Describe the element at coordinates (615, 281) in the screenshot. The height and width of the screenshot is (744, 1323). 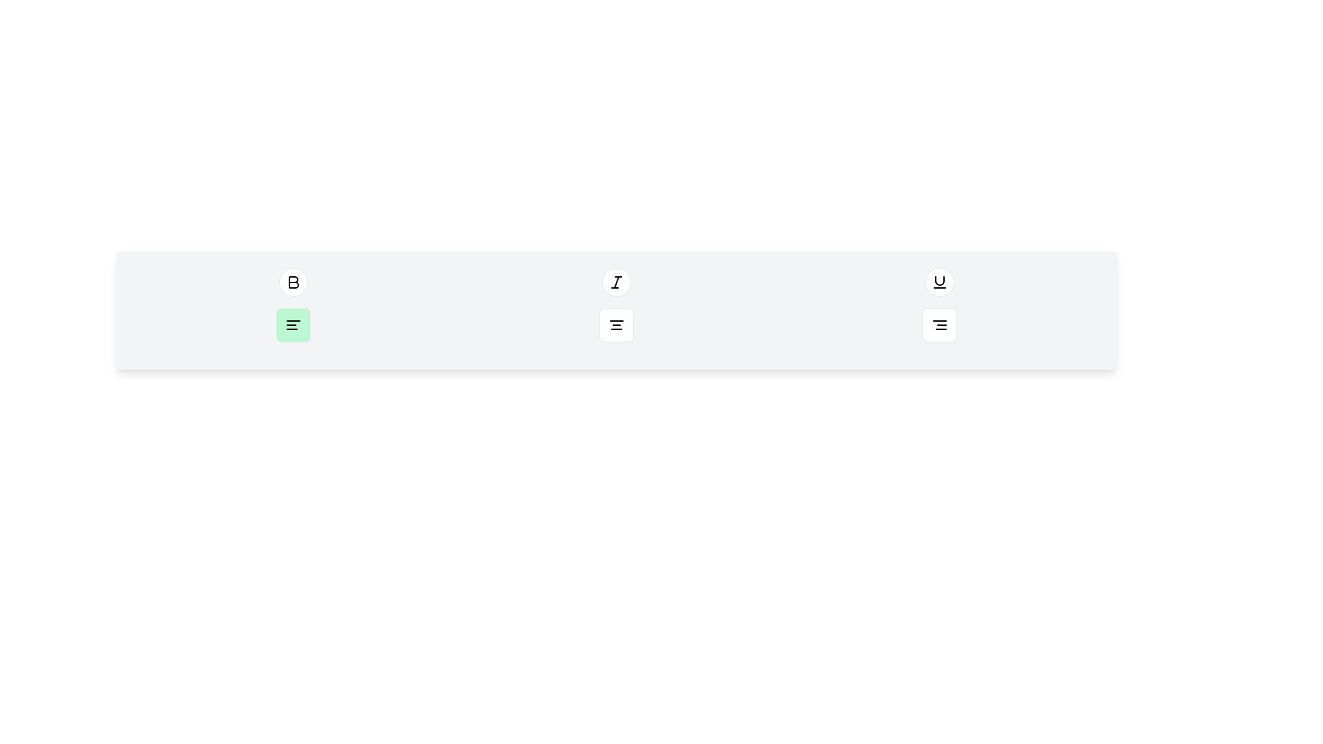
I see `the white circular button with a black 'Italics' icon at its center` at that location.